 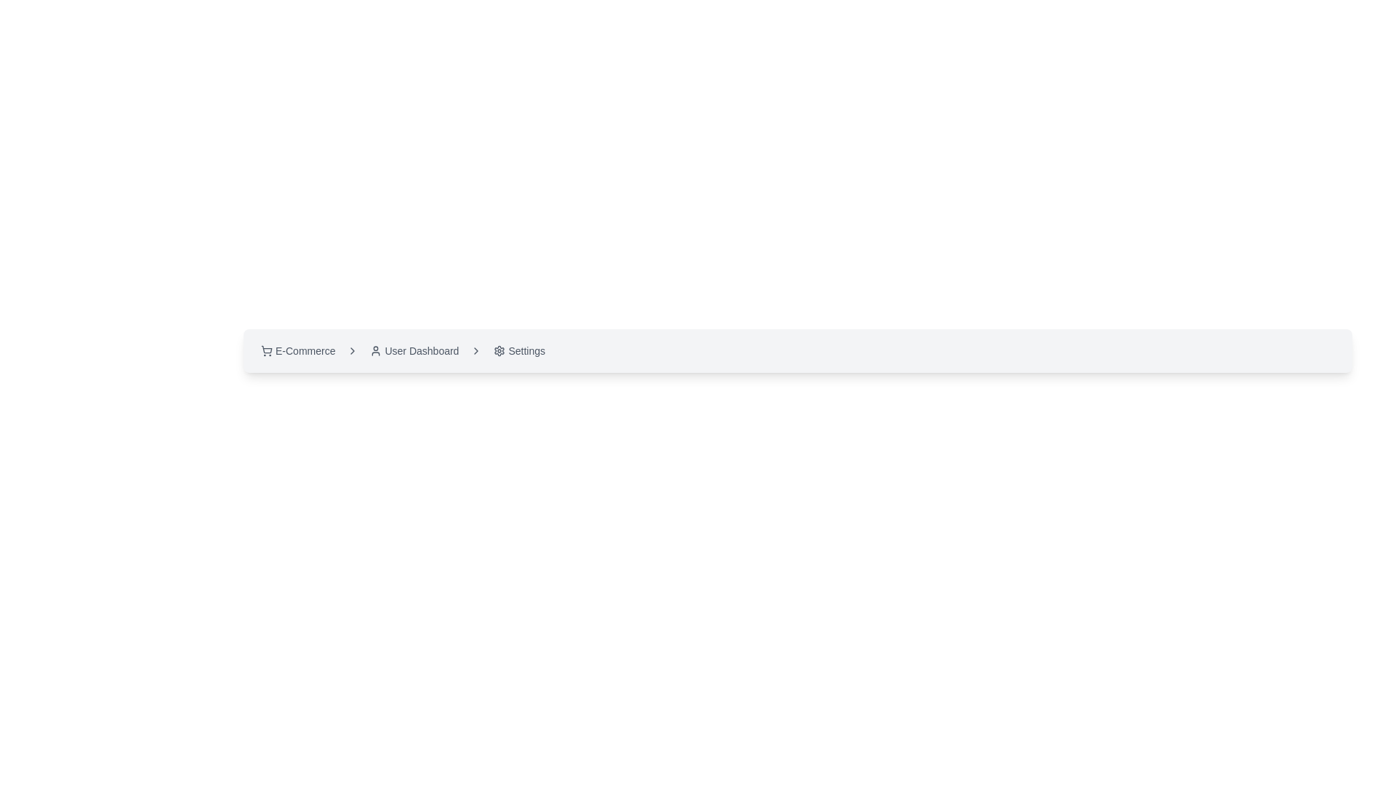 What do you see at coordinates (353, 350) in the screenshot?
I see `the first chevron arrow in the breadcrumb navigation bar, which separates the 'E-Commerce' label from the 'User Dashboard' label` at bounding box center [353, 350].